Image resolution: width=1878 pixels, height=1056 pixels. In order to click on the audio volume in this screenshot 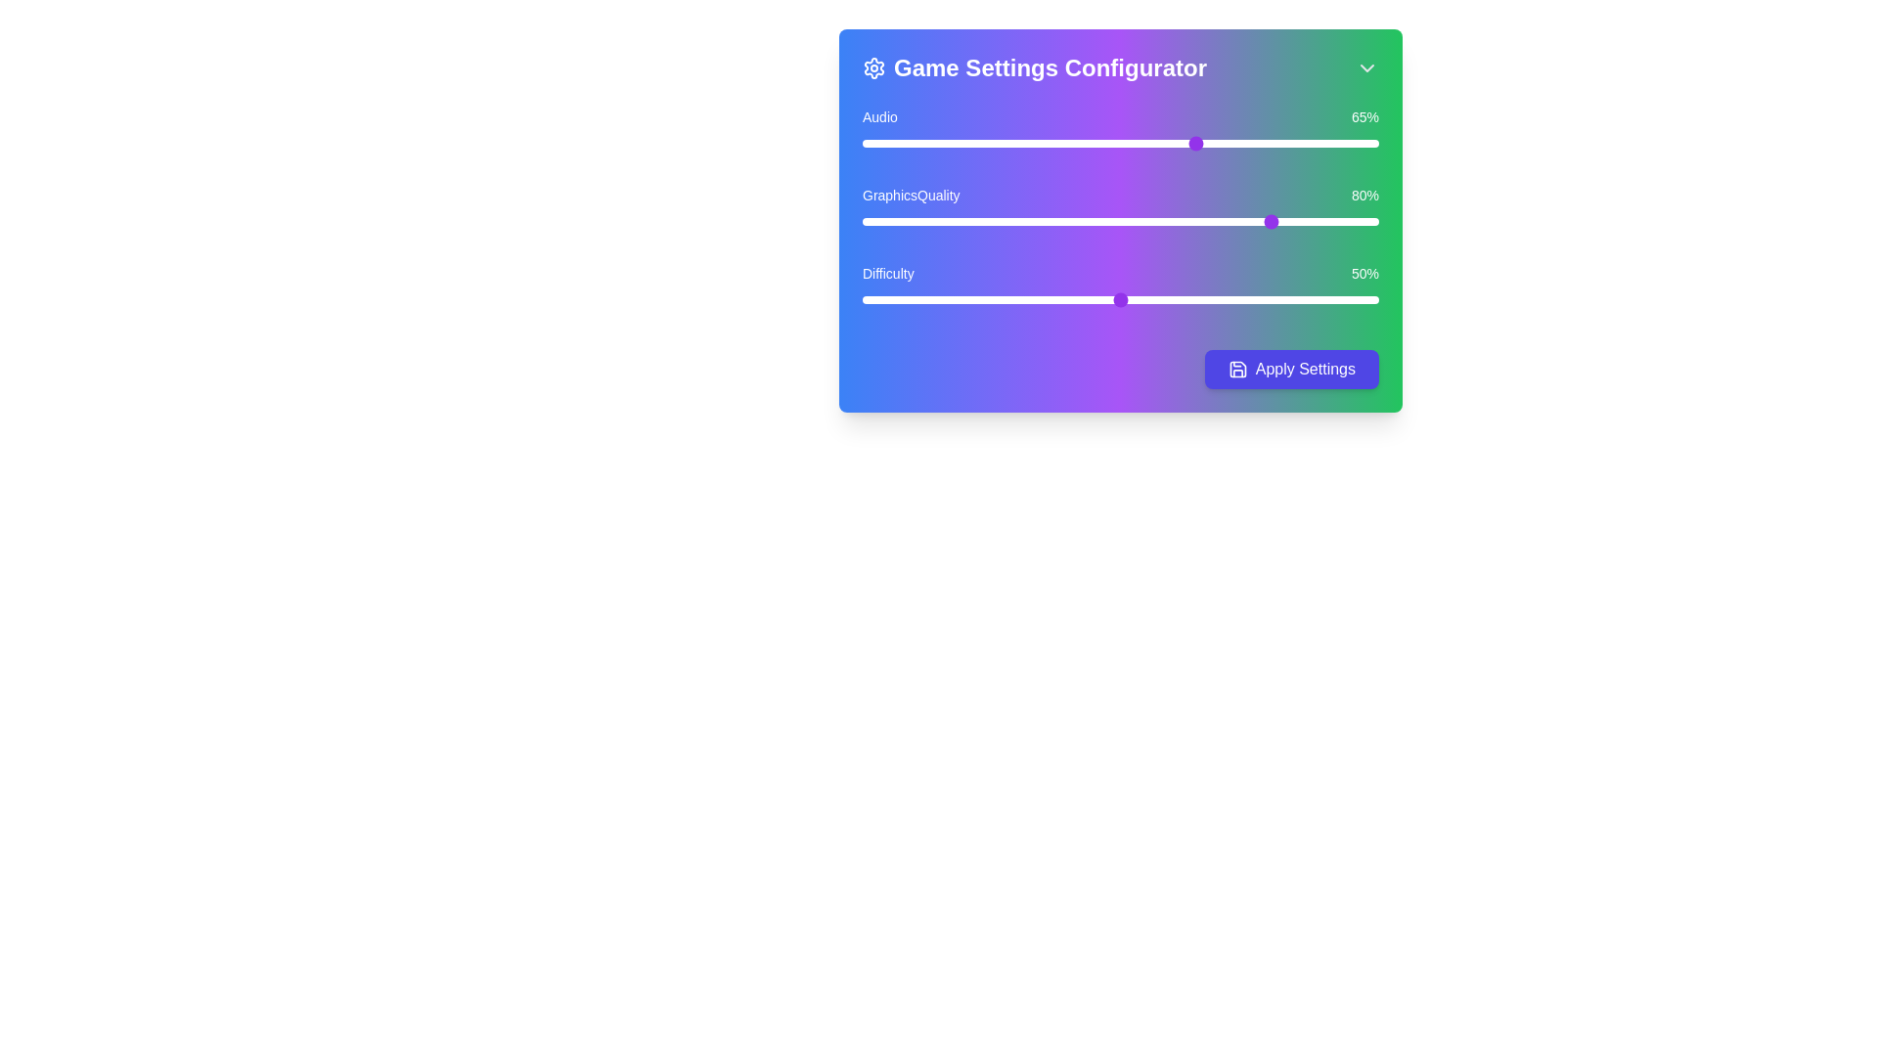, I will do `click(1243, 142)`.